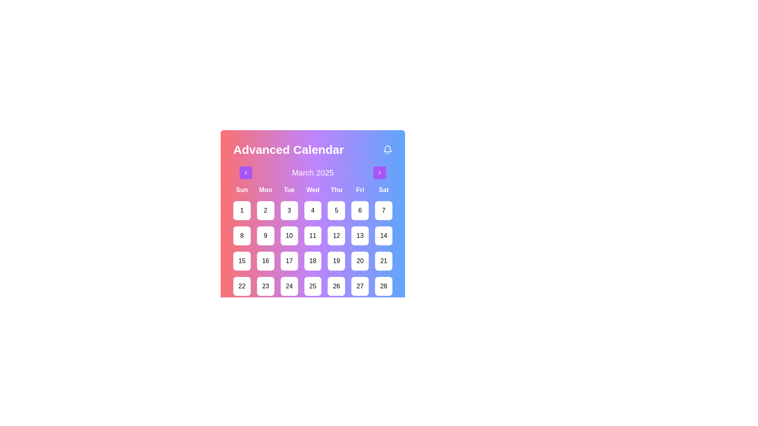  I want to click on the interactive calendar date cell representing the 28th day of the month, so click(384, 286).